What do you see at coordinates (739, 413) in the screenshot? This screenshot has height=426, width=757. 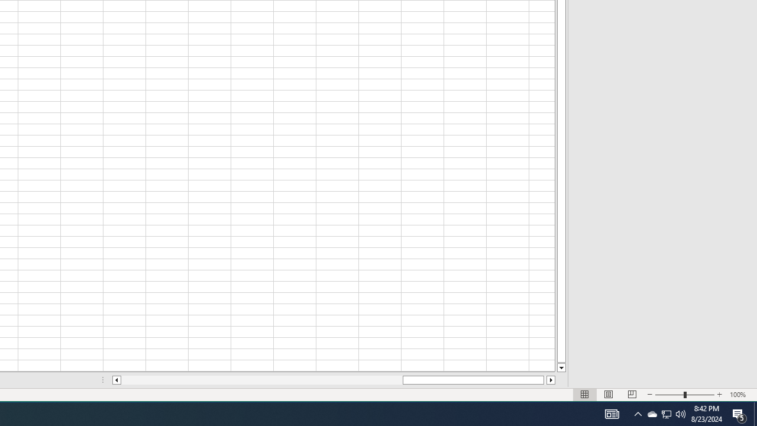 I see `'Action Center, 5 new notifications'` at bounding box center [739, 413].